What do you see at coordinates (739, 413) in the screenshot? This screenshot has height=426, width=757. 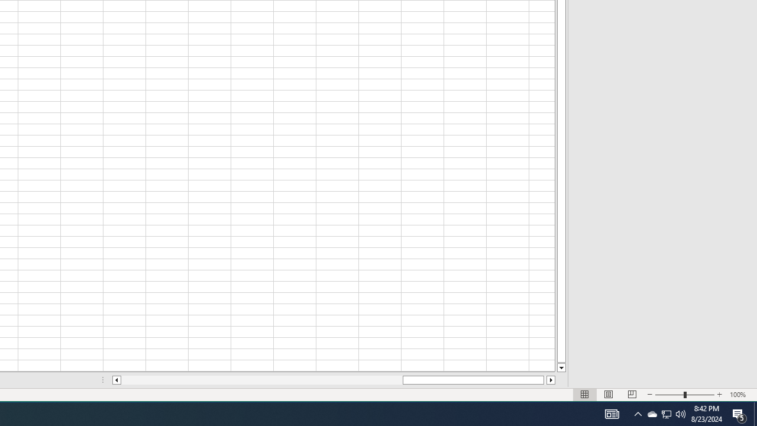 I see `'Action Center, 5 new notifications'` at bounding box center [739, 413].